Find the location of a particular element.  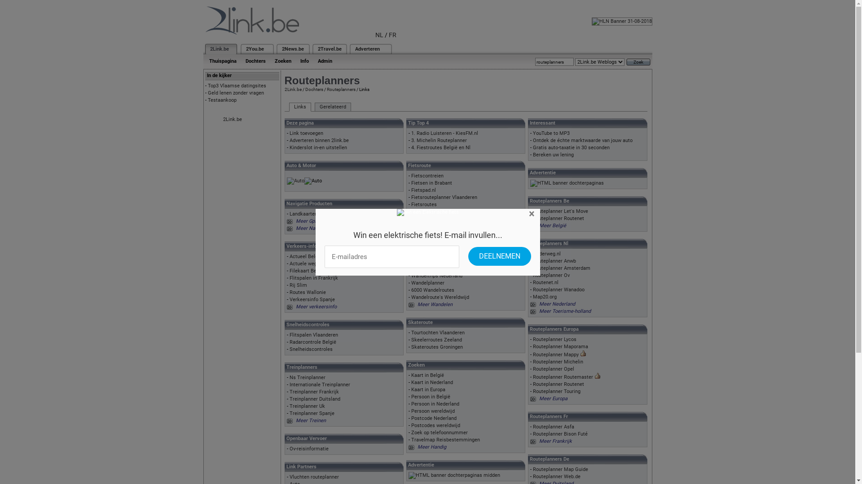

'Fietsrouteplanner Vlaanderen' is located at coordinates (411, 197).